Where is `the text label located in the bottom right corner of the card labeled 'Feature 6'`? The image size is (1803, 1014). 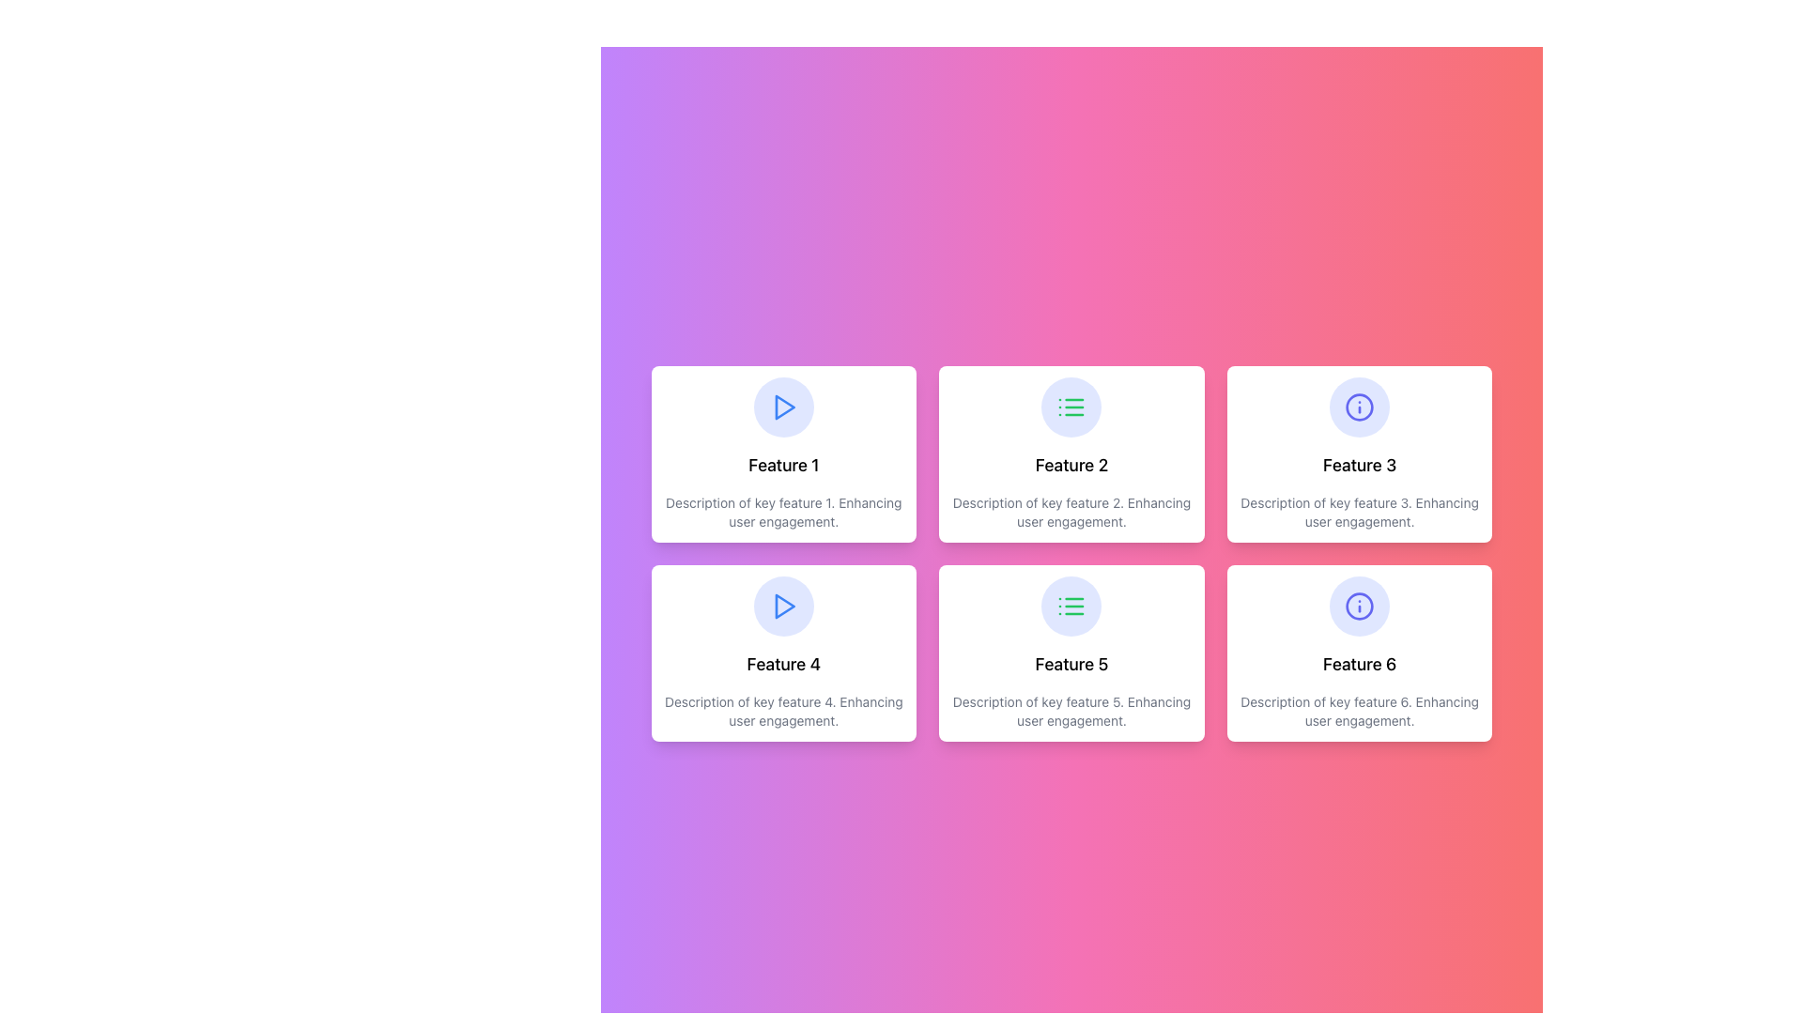 the text label located in the bottom right corner of the card labeled 'Feature 6' is located at coordinates (1360, 712).